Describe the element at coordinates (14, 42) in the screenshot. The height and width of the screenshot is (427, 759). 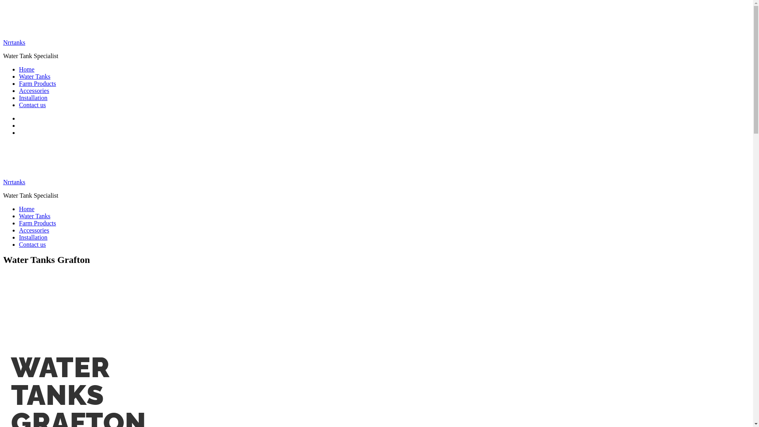
I see `'Nrrtanks'` at that location.